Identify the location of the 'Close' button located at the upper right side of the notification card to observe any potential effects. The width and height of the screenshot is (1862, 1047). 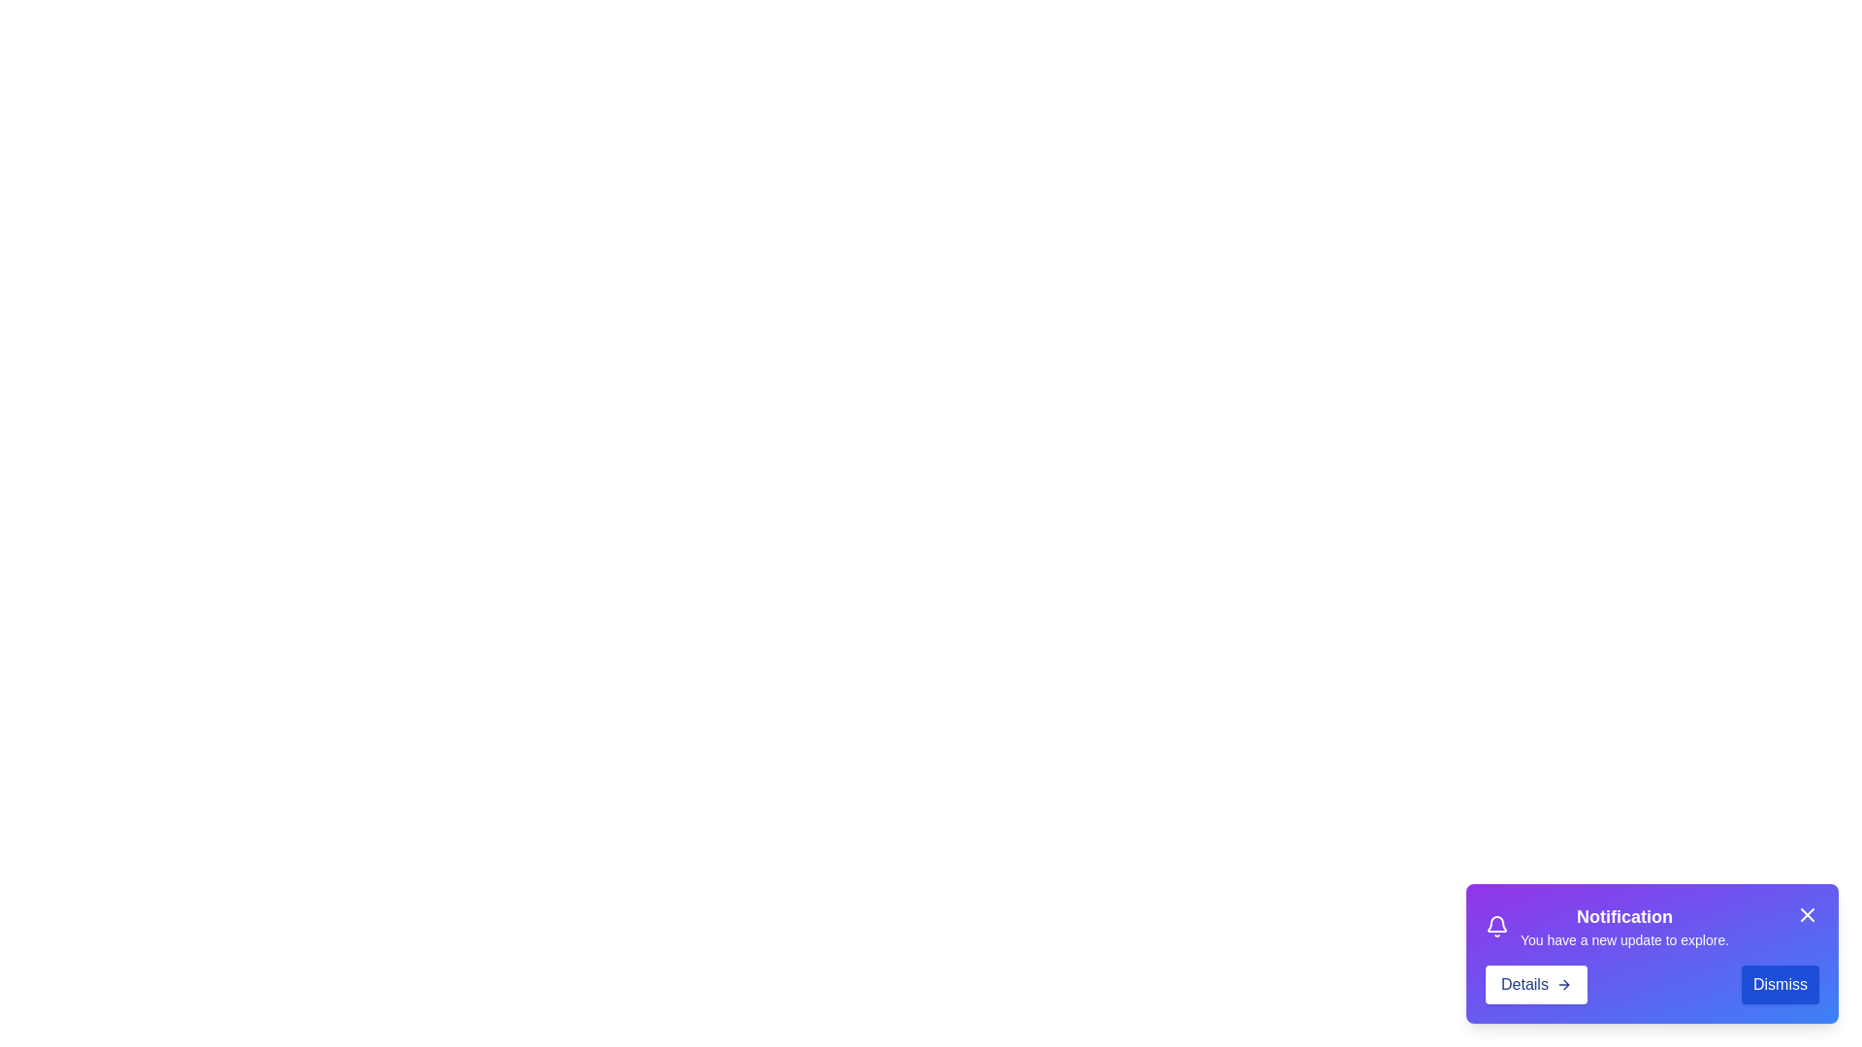
(1806, 915).